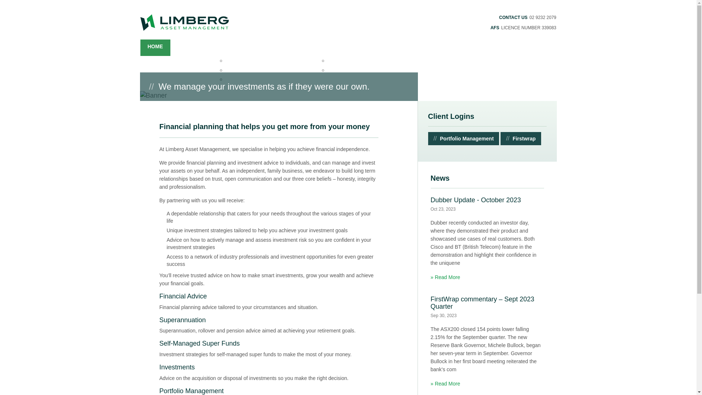 The image size is (702, 395). What do you see at coordinates (155, 48) in the screenshot?
I see `'HOME'` at bounding box center [155, 48].